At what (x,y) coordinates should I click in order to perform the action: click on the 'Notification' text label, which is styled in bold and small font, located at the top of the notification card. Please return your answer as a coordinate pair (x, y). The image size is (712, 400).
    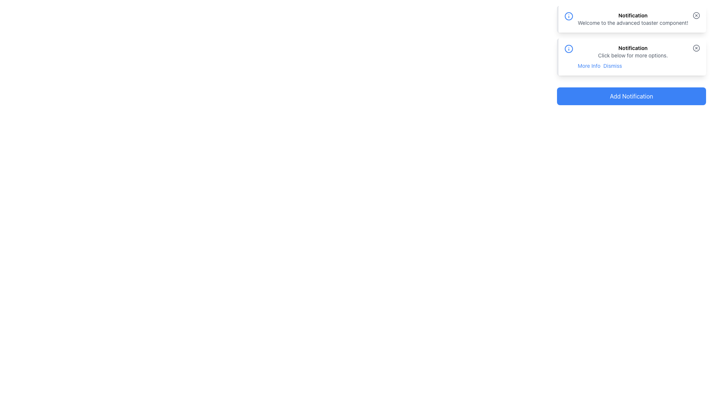
    Looking at the image, I should click on (633, 16).